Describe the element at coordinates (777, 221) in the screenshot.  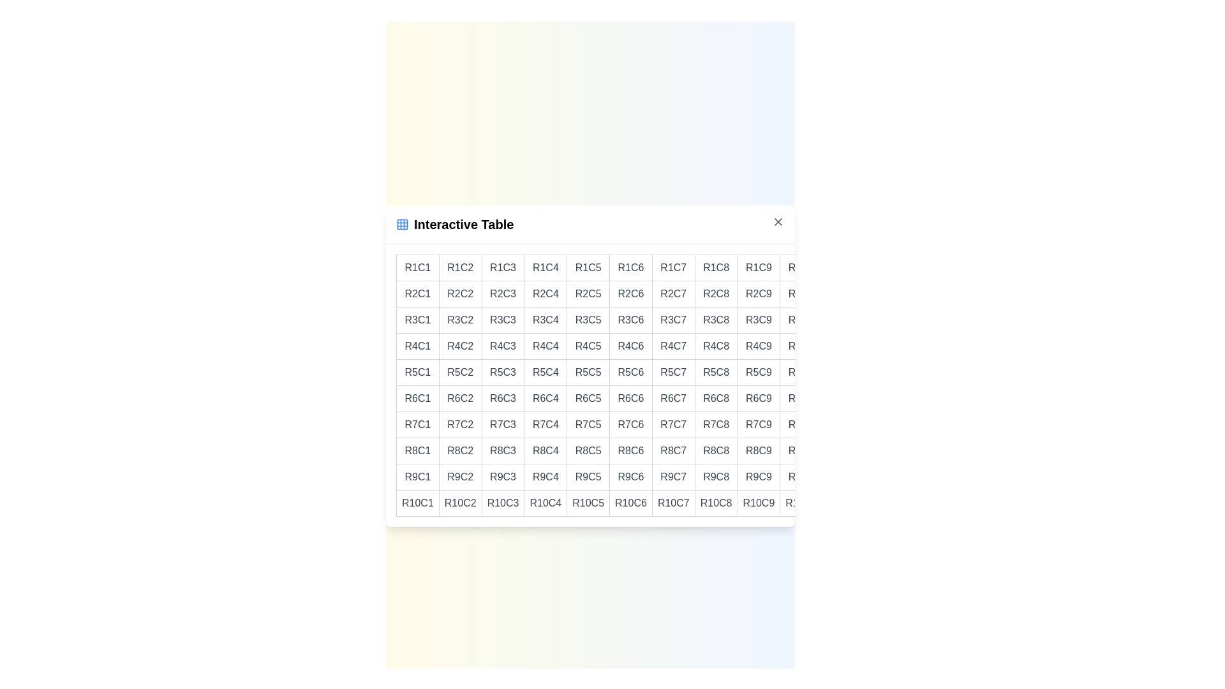
I see `the close button to dismiss the dialog` at that location.